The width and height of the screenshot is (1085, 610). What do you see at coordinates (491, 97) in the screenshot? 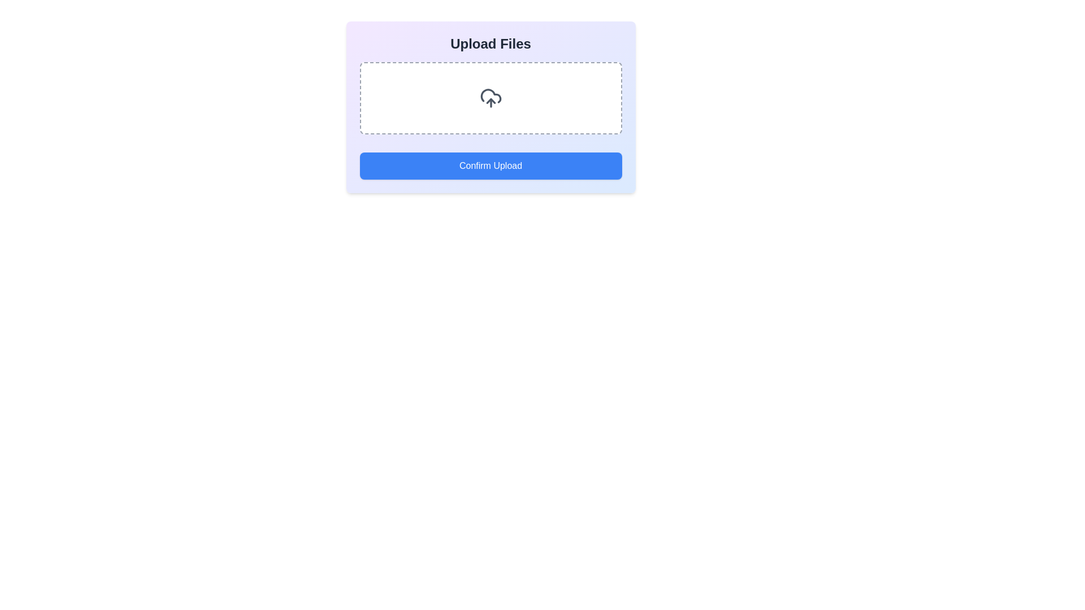
I see `the Upload area (drag-and-drop zone) which is a rectangular box with a dashed border and a cloud upload icon, to indicate it is interactive` at bounding box center [491, 97].